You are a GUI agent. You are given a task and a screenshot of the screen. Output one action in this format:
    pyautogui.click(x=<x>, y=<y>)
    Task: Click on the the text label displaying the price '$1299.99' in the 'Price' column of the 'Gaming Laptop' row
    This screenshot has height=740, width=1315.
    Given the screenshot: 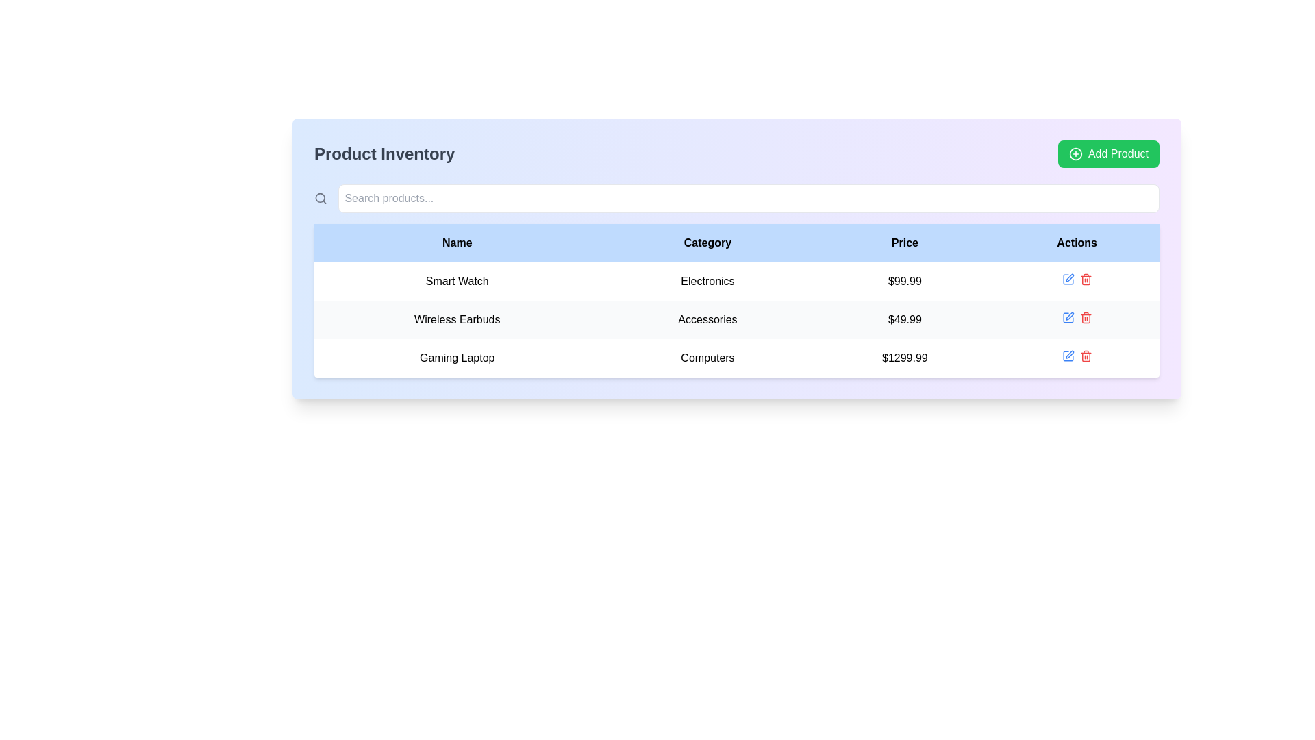 What is the action you would take?
    pyautogui.click(x=905, y=358)
    